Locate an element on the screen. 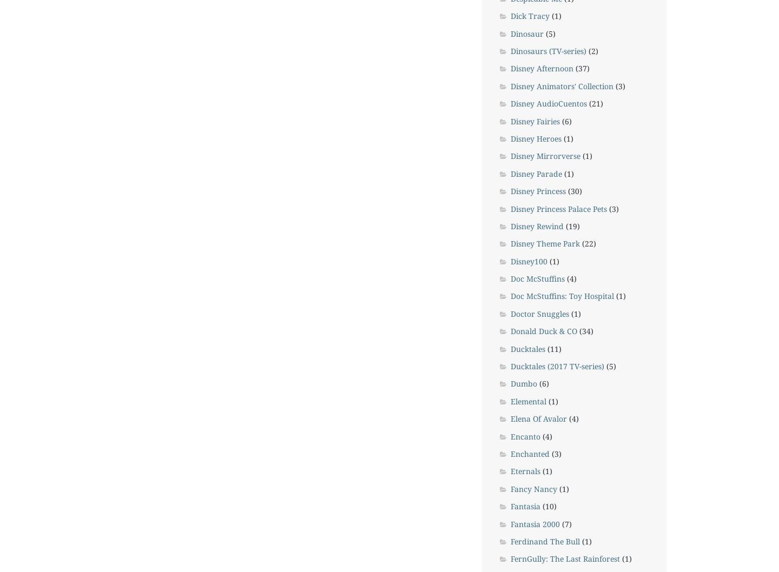  'Elemental' is located at coordinates (527, 401).